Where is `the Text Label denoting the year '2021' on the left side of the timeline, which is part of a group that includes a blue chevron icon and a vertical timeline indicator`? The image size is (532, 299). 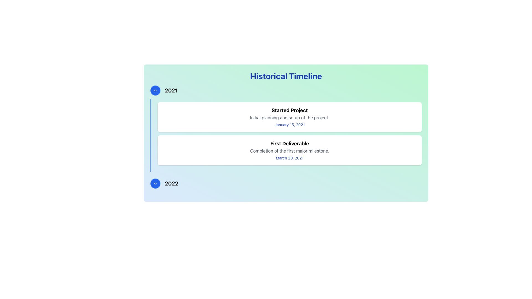
the Text Label denoting the year '2021' on the left side of the timeline, which is part of a group that includes a blue chevron icon and a vertical timeline indicator is located at coordinates (171, 90).